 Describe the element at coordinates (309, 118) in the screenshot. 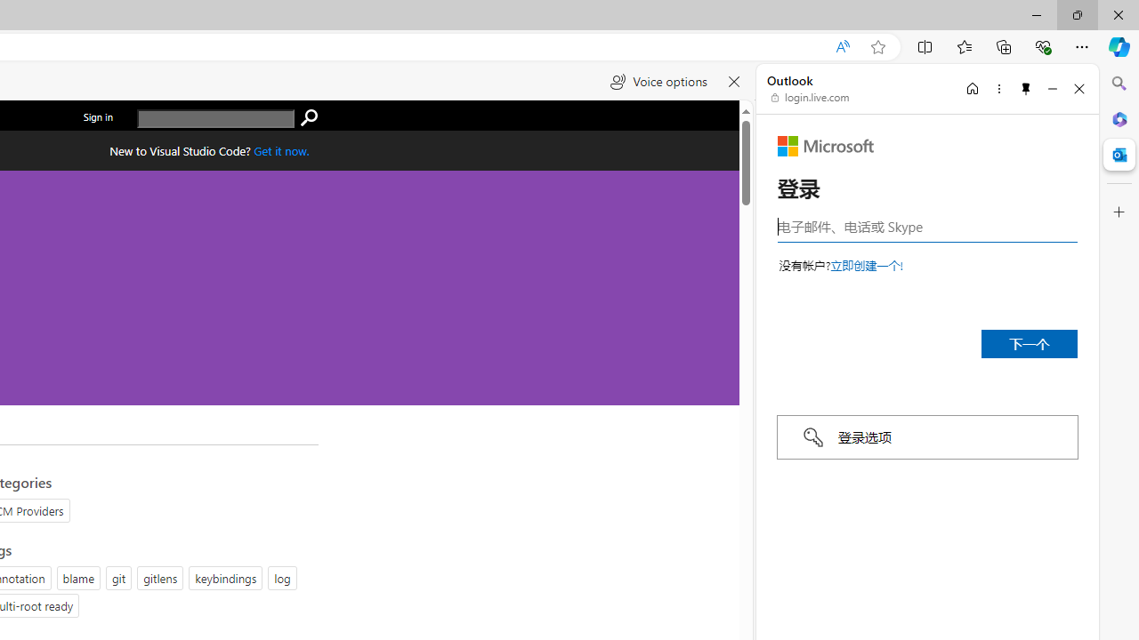

I see `'search'` at that location.